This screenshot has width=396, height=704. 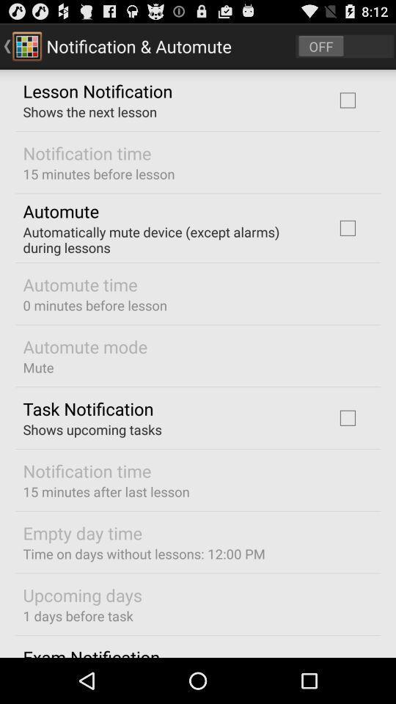 What do you see at coordinates (345, 45) in the screenshot?
I see `go do off` at bounding box center [345, 45].